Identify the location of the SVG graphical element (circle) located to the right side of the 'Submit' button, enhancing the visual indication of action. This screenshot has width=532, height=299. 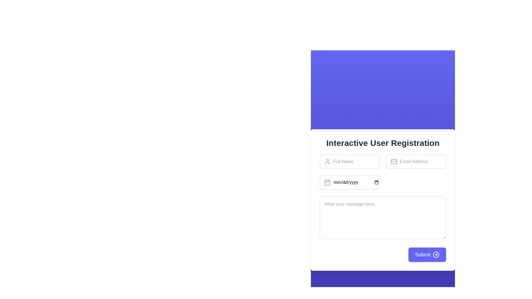
(436, 254).